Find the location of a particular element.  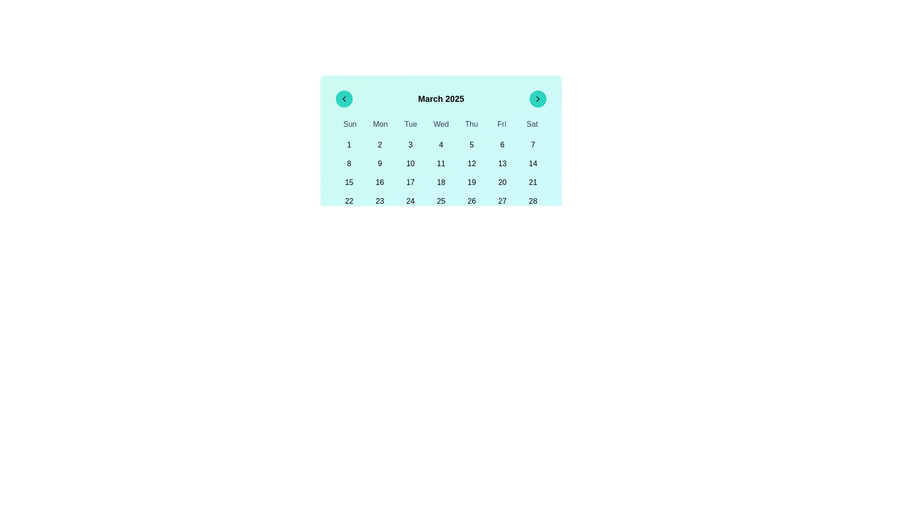

the grid cell representing the 25th day of March 2025 is located at coordinates (440, 200).